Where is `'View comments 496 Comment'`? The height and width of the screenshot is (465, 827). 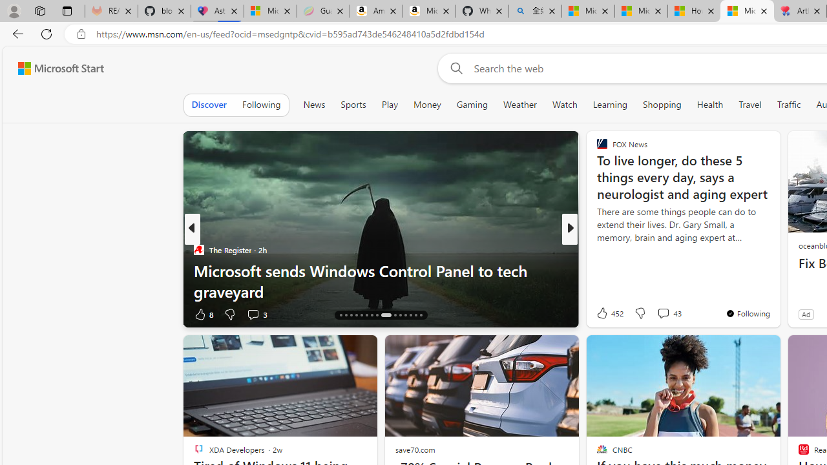
'View comments 496 Comment' is located at coordinates (654, 314).